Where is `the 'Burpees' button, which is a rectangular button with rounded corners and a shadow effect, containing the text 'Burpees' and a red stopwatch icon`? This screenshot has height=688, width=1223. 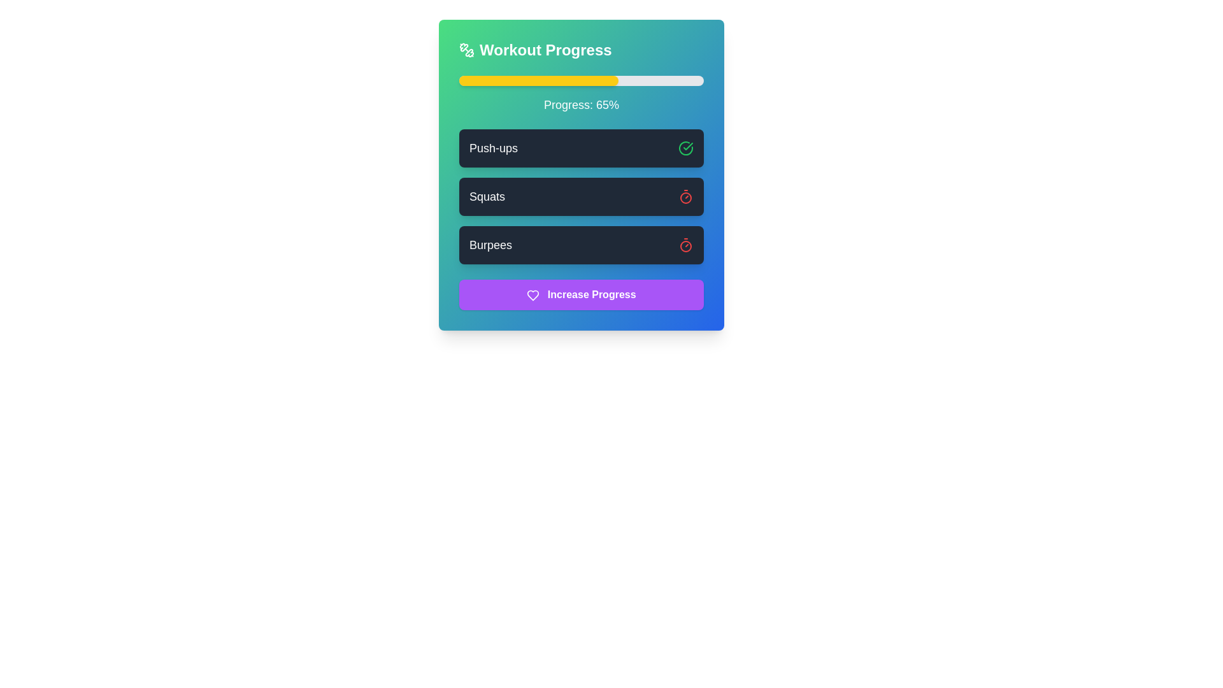
the 'Burpees' button, which is a rectangular button with rounded corners and a shadow effect, containing the text 'Burpees' and a red stopwatch icon is located at coordinates (580, 245).